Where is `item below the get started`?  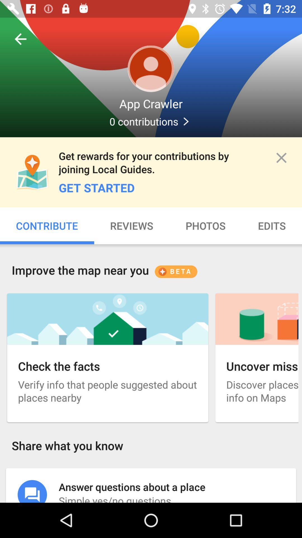
item below the get started is located at coordinates (272, 226).